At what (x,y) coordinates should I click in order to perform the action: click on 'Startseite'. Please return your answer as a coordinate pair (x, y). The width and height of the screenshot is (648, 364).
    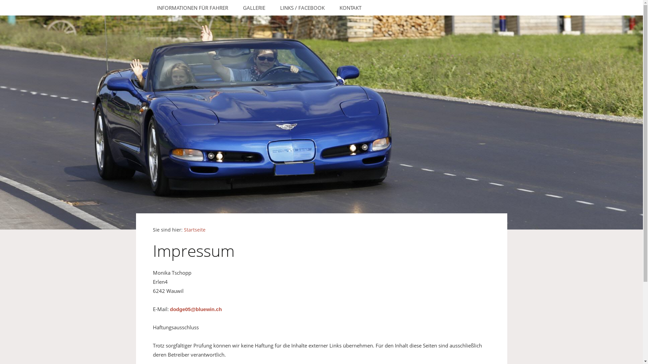
    Looking at the image, I should click on (194, 230).